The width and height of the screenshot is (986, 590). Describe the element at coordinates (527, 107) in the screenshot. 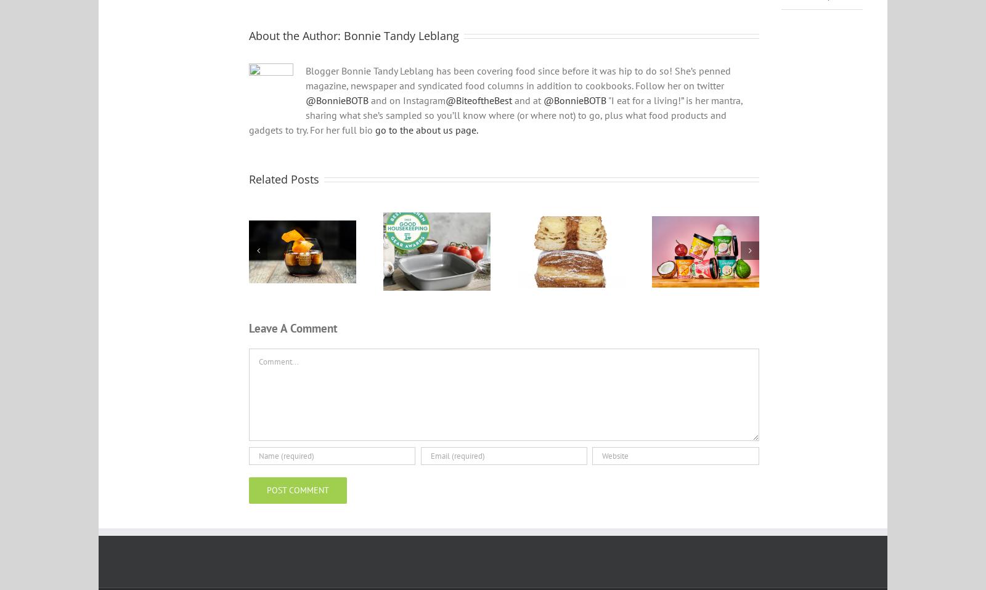

I see `'and at'` at that location.